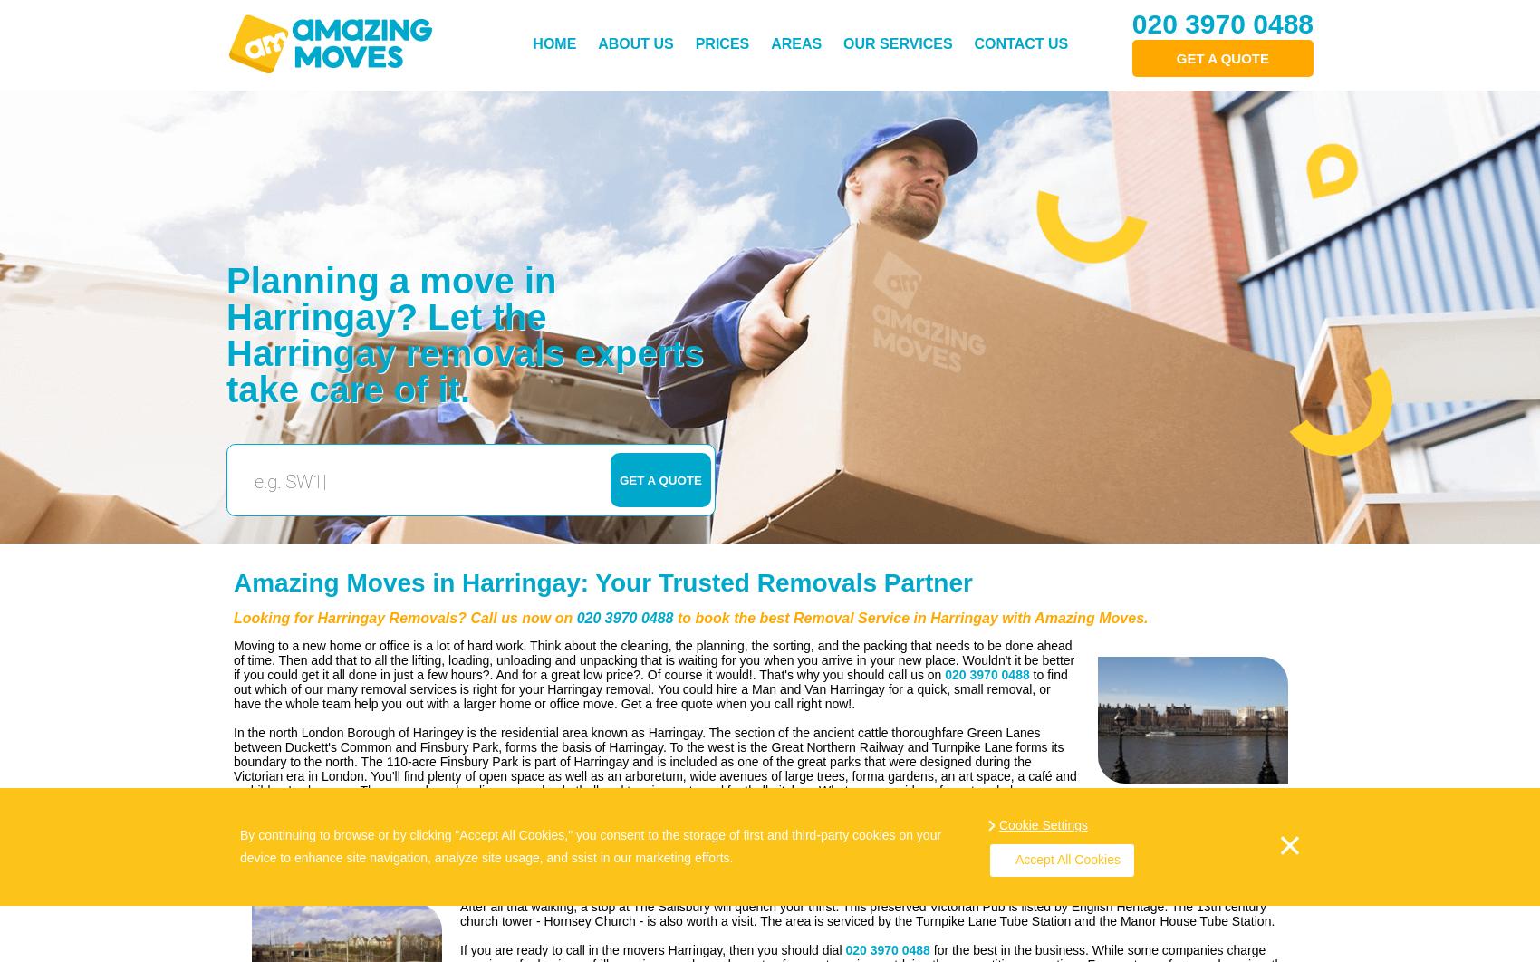 The height and width of the screenshot is (962, 1540). I want to click on 'to book the best Removal Service in Harringay with Amazing Moves.', so click(910, 618).